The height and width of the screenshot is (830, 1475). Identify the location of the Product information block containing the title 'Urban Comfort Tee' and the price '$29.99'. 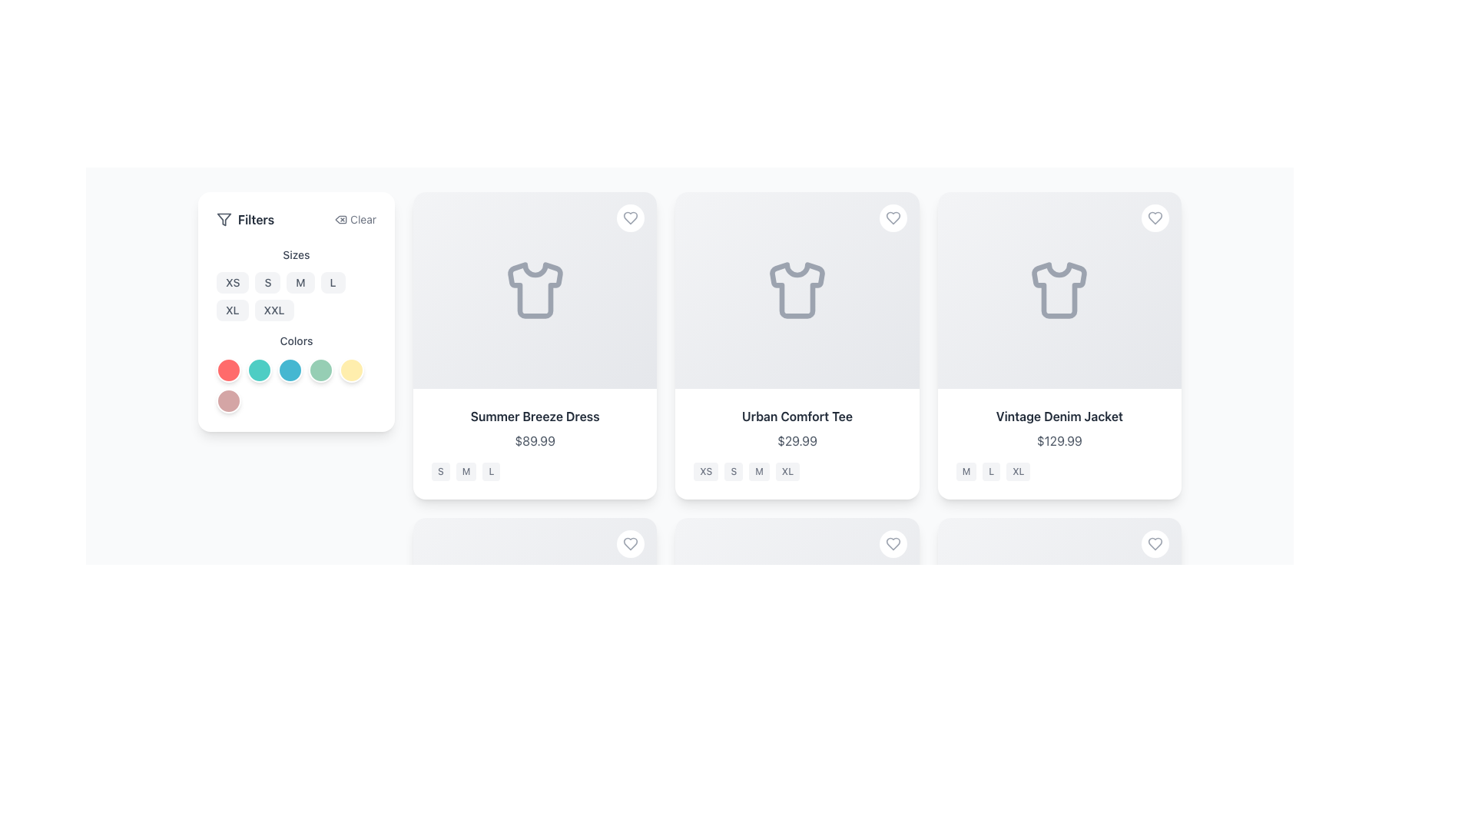
(797, 444).